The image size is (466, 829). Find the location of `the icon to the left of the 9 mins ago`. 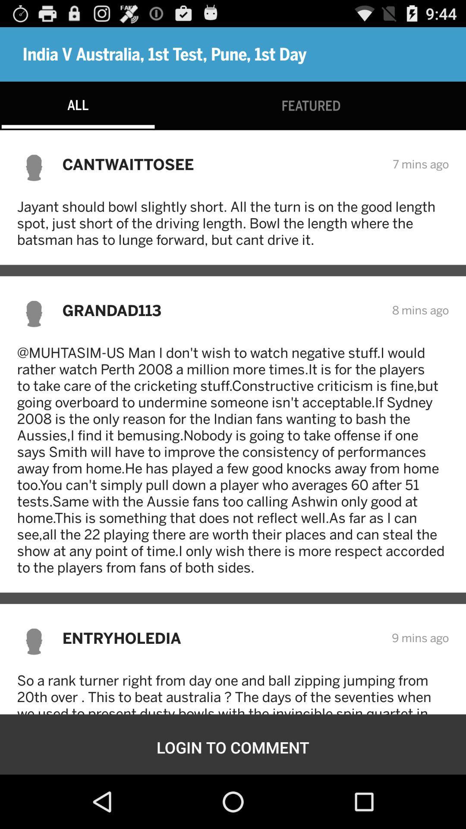

the icon to the left of the 9 mins ago is located at coordinates (221, 638).